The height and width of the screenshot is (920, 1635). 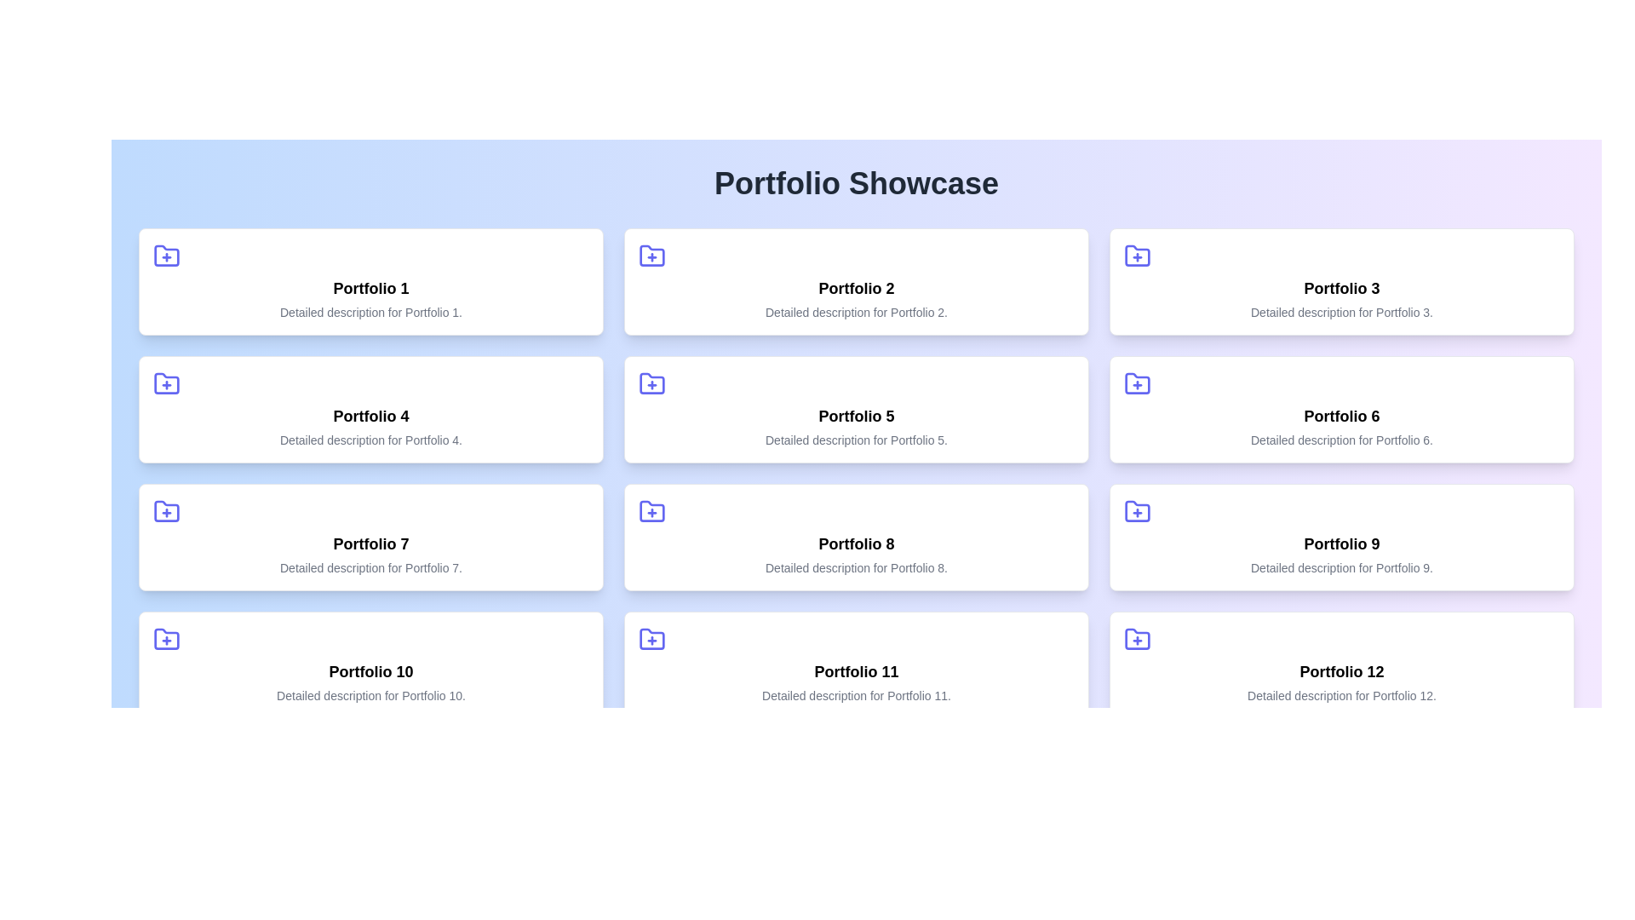 What do you see at coordinates (1137, 638) in the screenshot?
I see `the decorative graphical element of the 'add folder' icon located at the top-left corner of the 'Portfolio 12' card` at bounding box center [1137, 638].